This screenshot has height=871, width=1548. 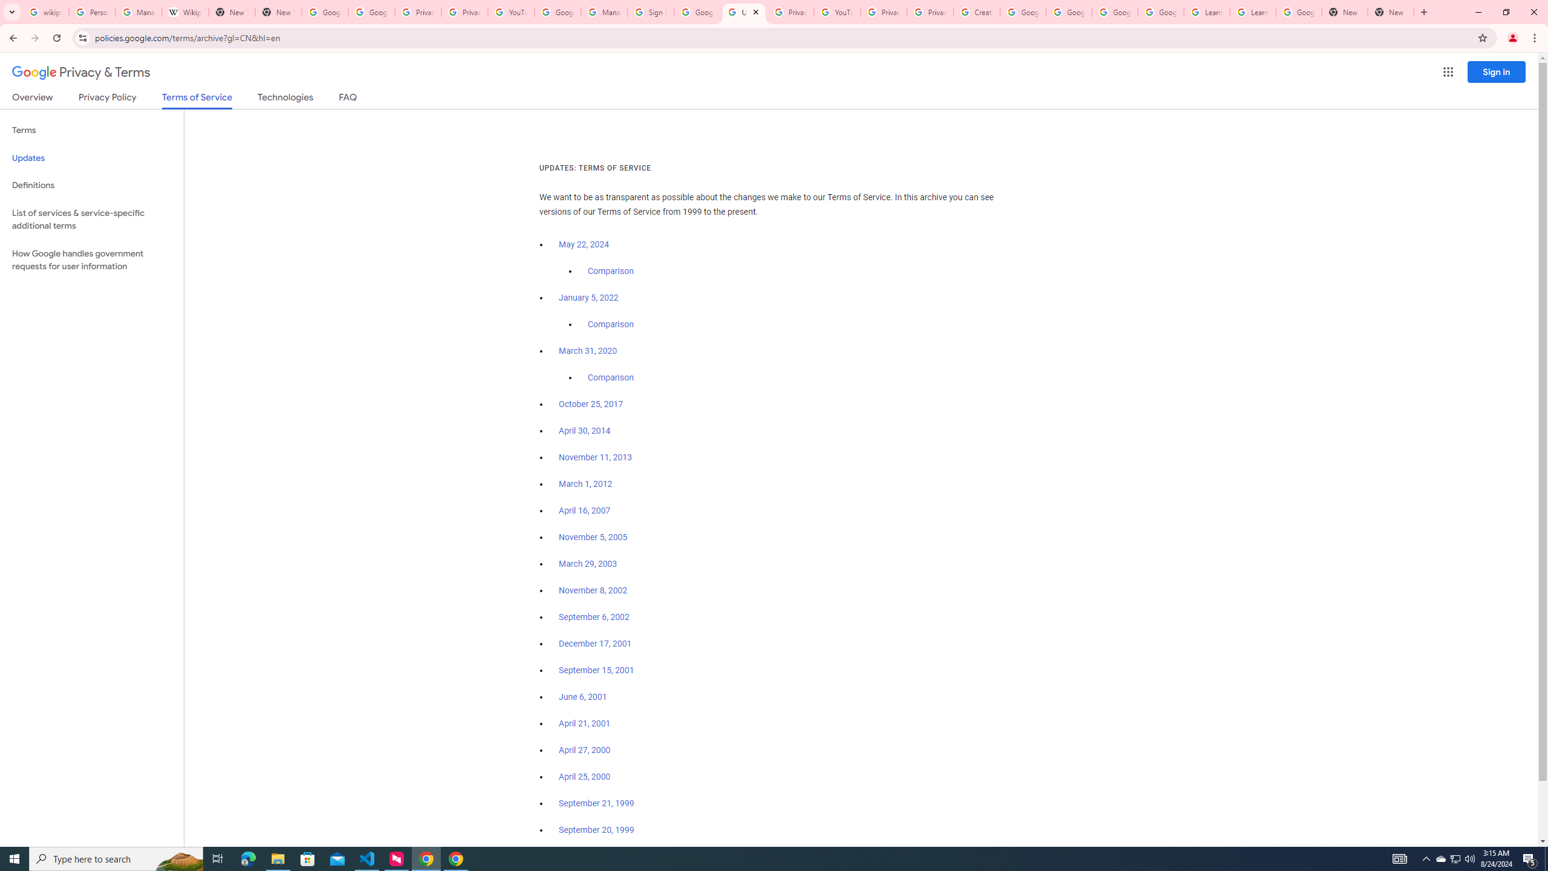 What do you see at coordinates (587, 564) in the screenshot?
I see `'March 29, 2003'` at bounding box center [587, 564].